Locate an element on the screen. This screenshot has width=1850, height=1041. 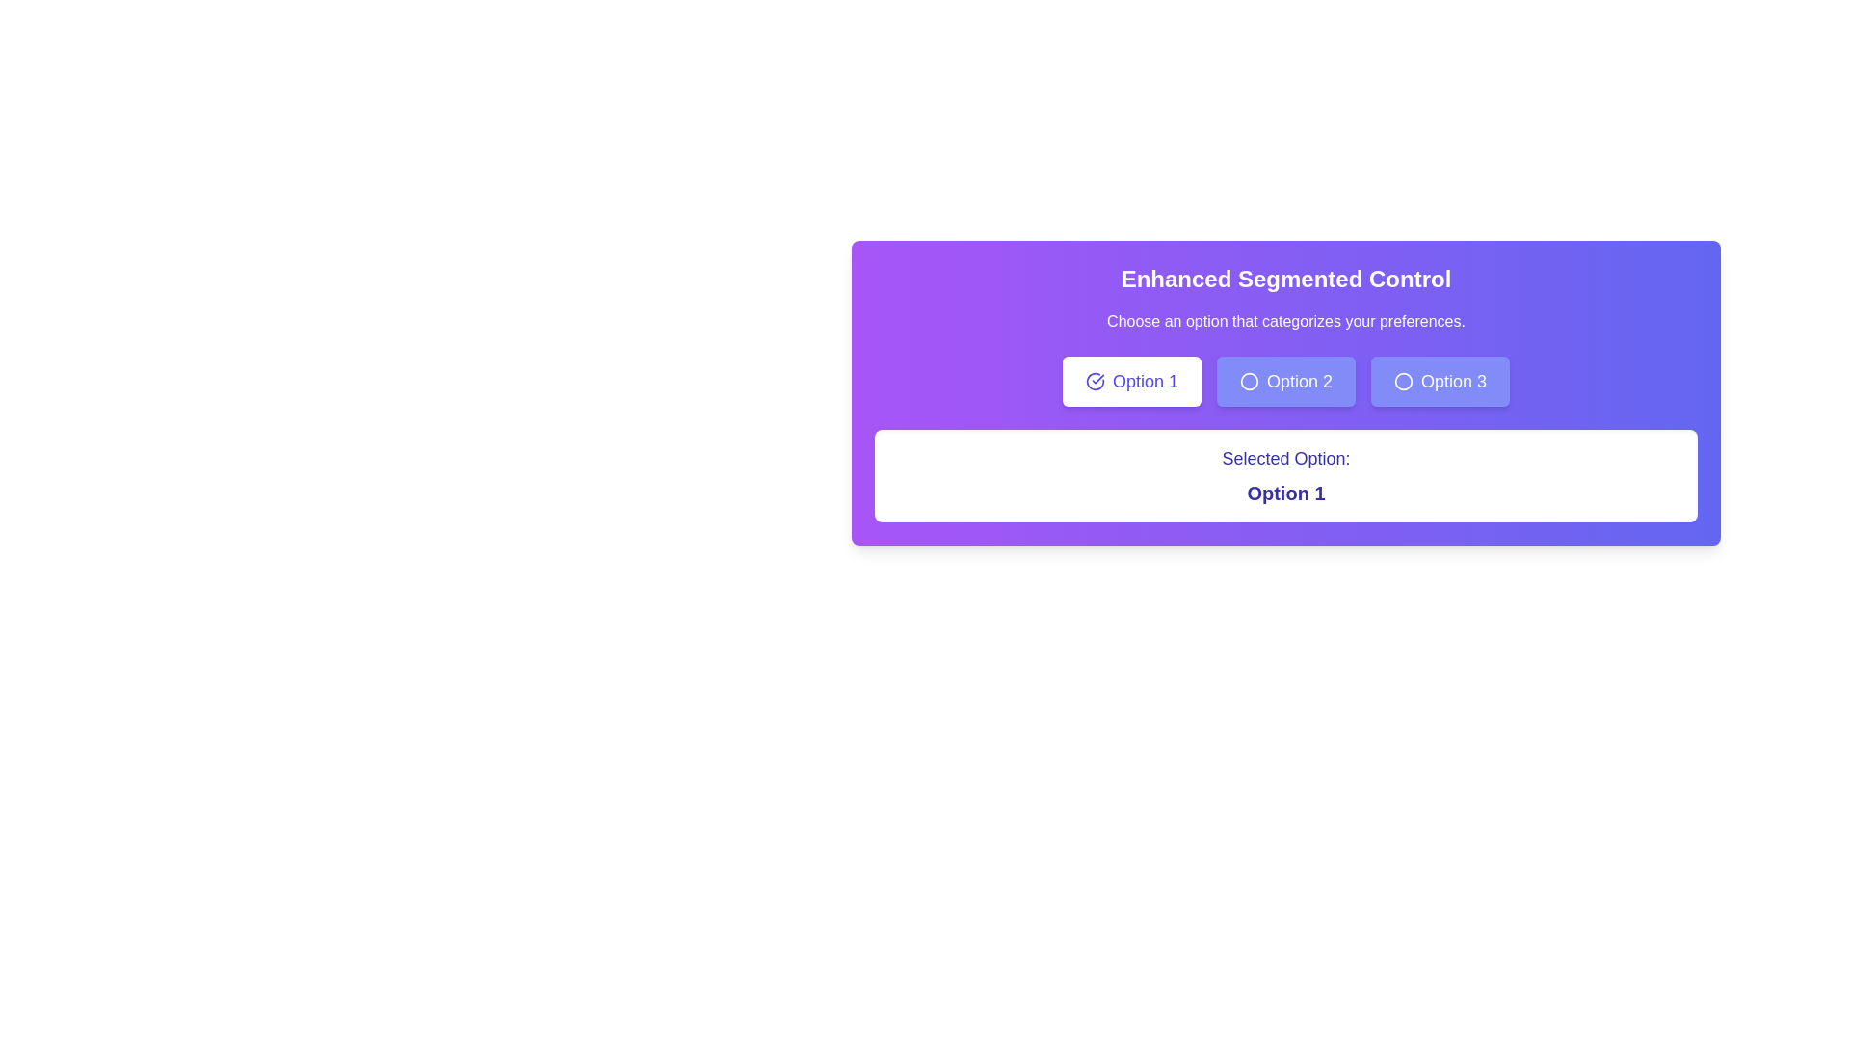
the third button in the segmented control interface is located at coordinates (1440, 382).